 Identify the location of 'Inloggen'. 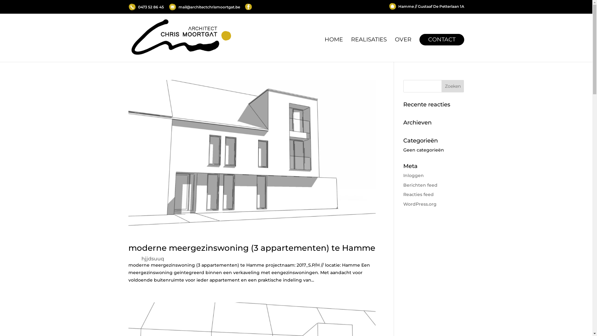
(413, 175).